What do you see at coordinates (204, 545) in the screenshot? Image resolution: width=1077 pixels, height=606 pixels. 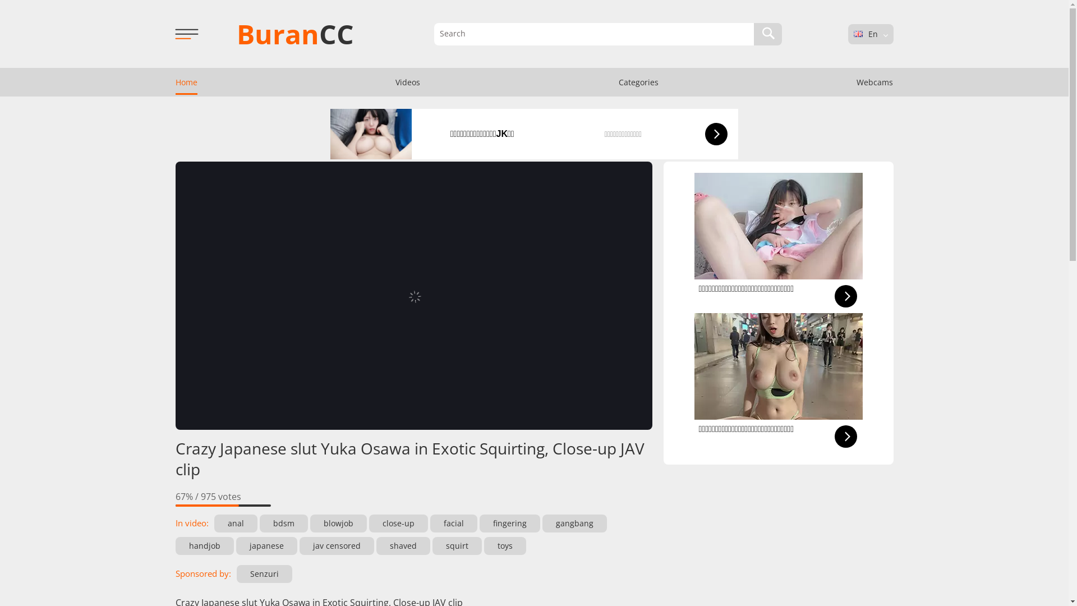 I see `'handjob'` at bounding box center [204, 545].